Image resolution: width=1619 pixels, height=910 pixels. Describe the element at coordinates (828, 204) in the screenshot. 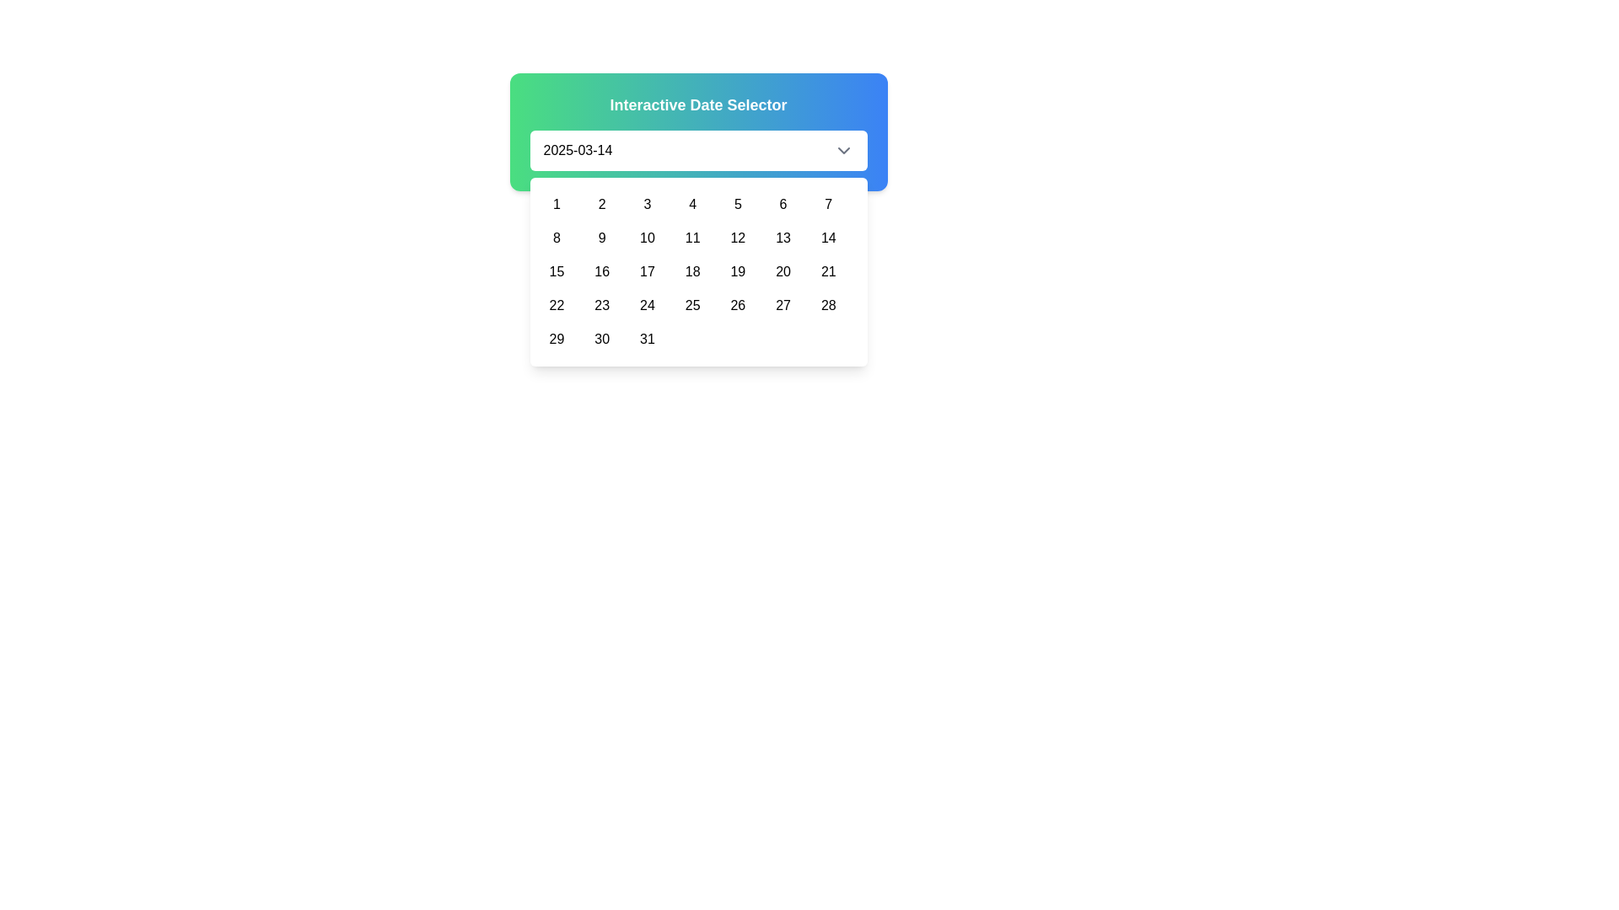

I see `the small, rounded square-shaped button labeled '7' in the calendar interface` at that location.